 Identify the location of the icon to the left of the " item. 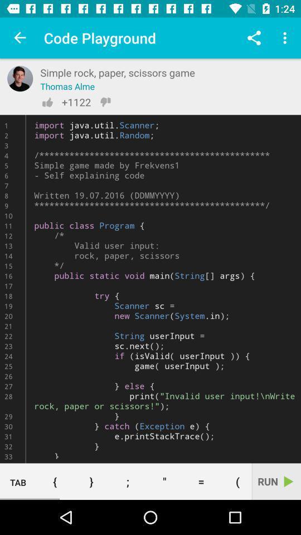
(127, 481).